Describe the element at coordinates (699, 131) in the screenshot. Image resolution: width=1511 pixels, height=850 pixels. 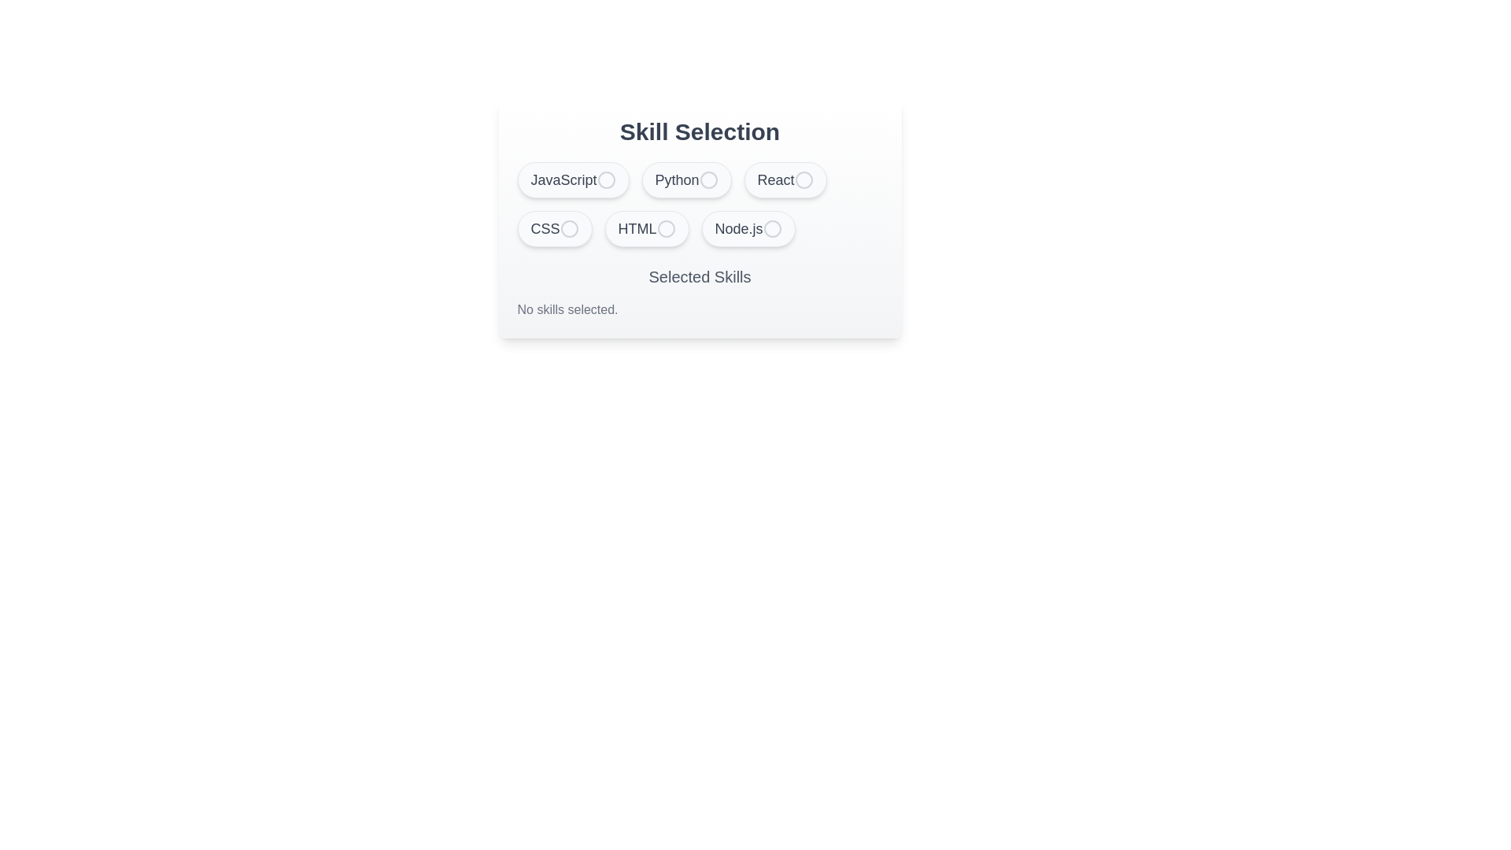
I see `the text header located at the top of the card that indicates the purpose of the skill selection interface` at that location.